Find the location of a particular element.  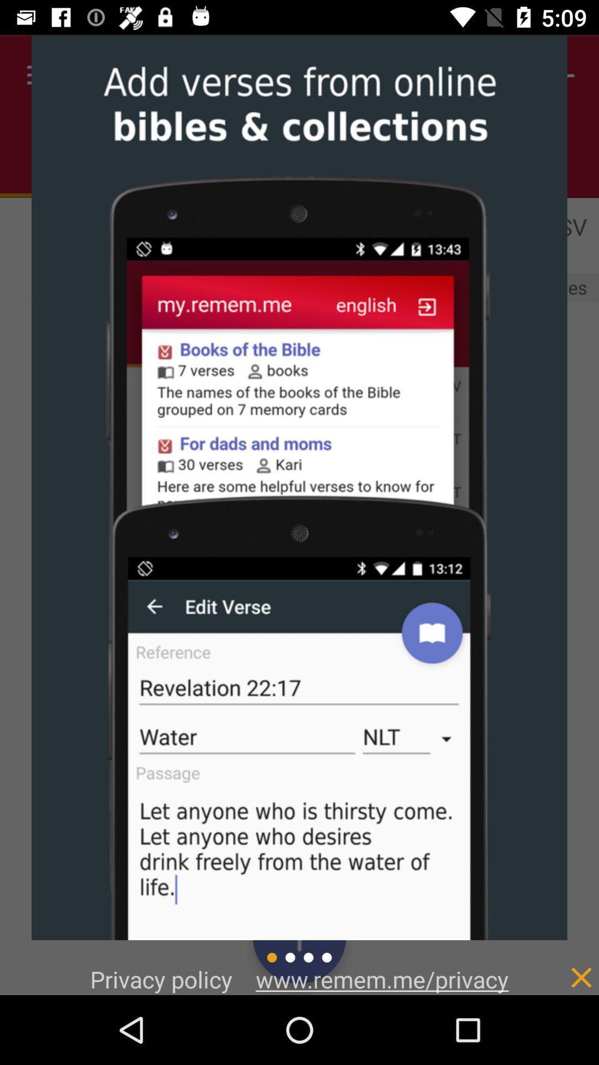

item at the bottom right corner is located at coordinates (558, 965).